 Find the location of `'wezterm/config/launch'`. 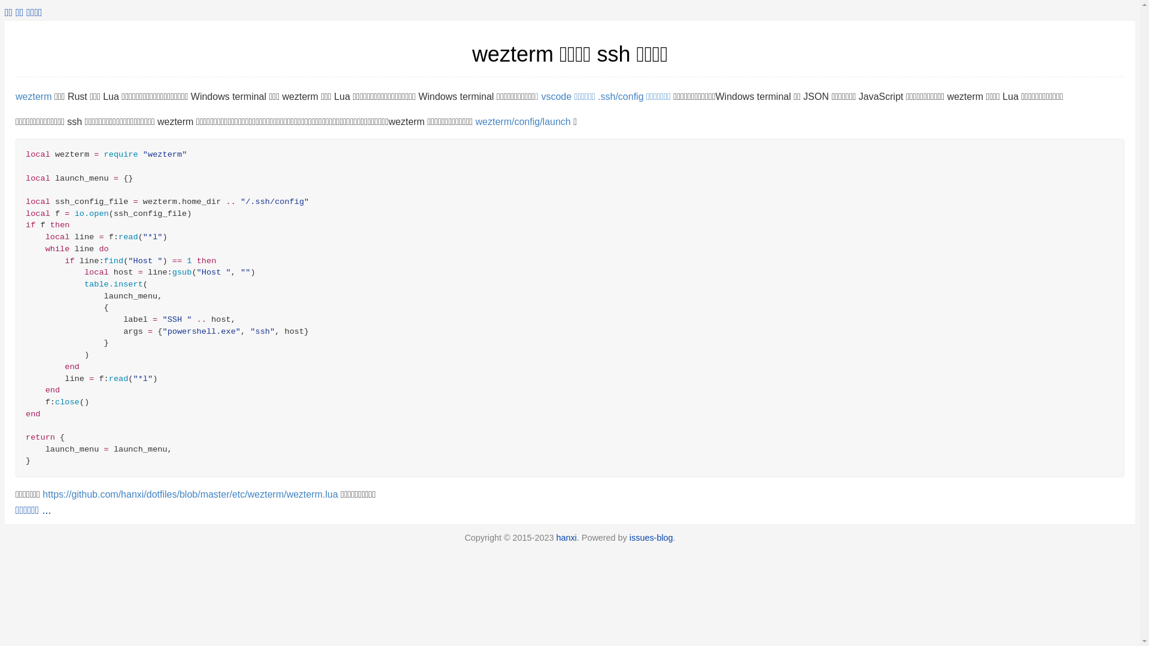

'wezterm/config/launch' is located at coordinates (523, 121).